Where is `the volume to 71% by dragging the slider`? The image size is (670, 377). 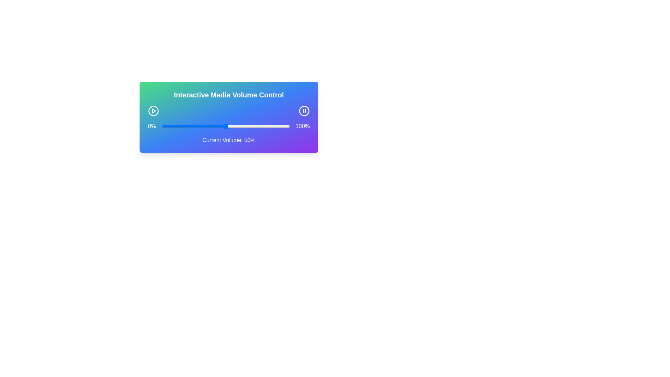
the volume to 71% by dragging the slider is located at coordinates (252, 126).